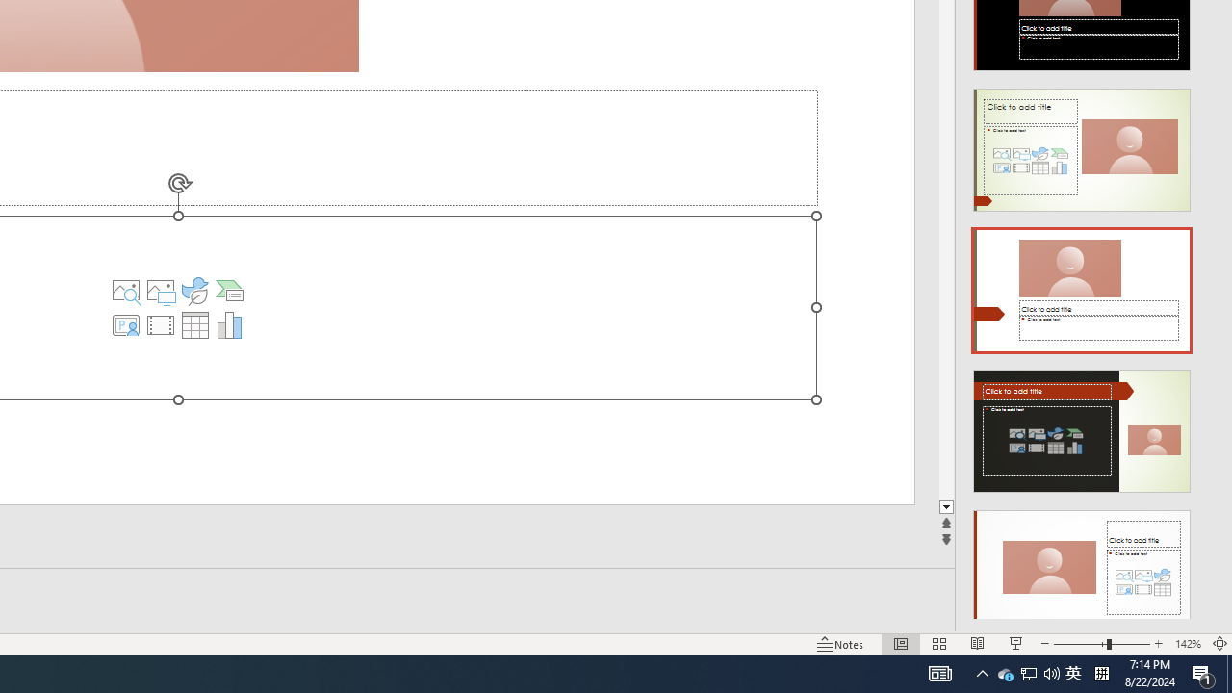 Image resolution: width=1232 pixels, height=693 pixels. Describe the element at coordinates (161, 291) in the screenshot. I see `'Pictures'` at that location.